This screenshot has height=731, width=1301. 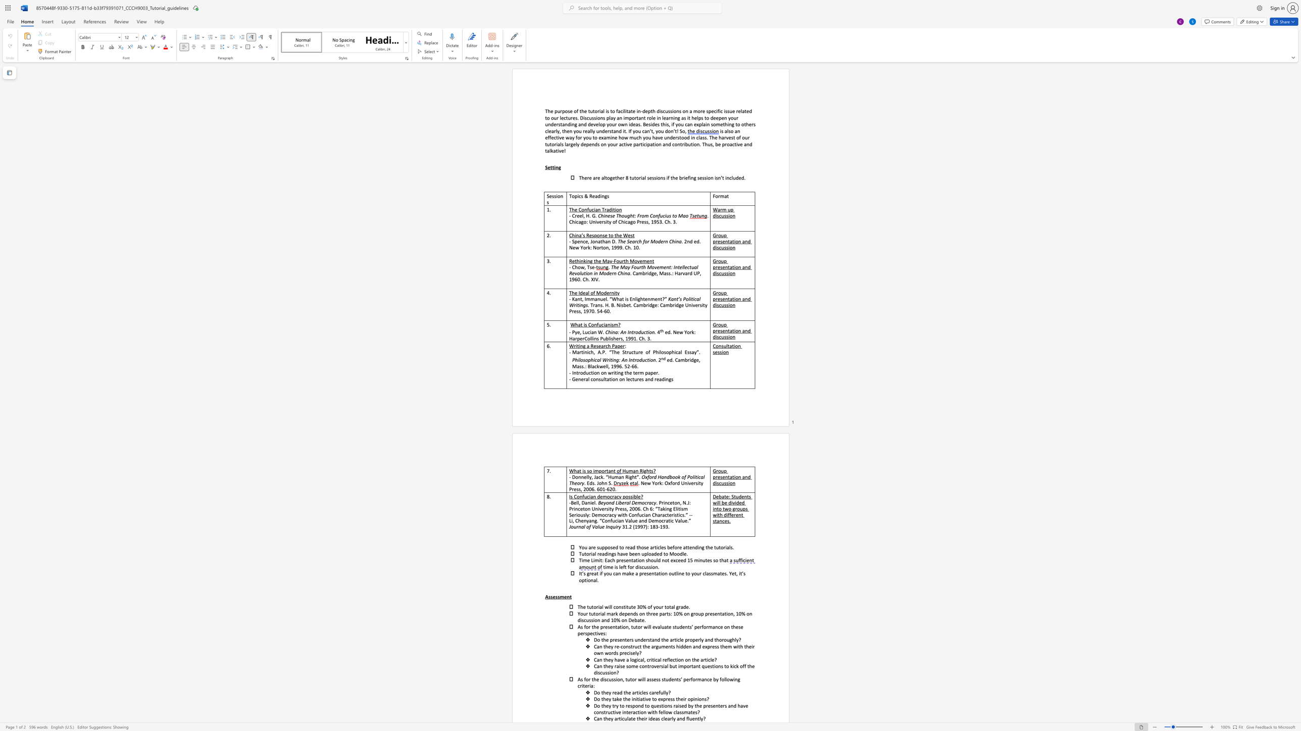 I want to click on the subset text "ress, 1953" within the text ". Chicago: University of Chicago Press, 1953. Ch. 3.", so click(x=639, y=221).